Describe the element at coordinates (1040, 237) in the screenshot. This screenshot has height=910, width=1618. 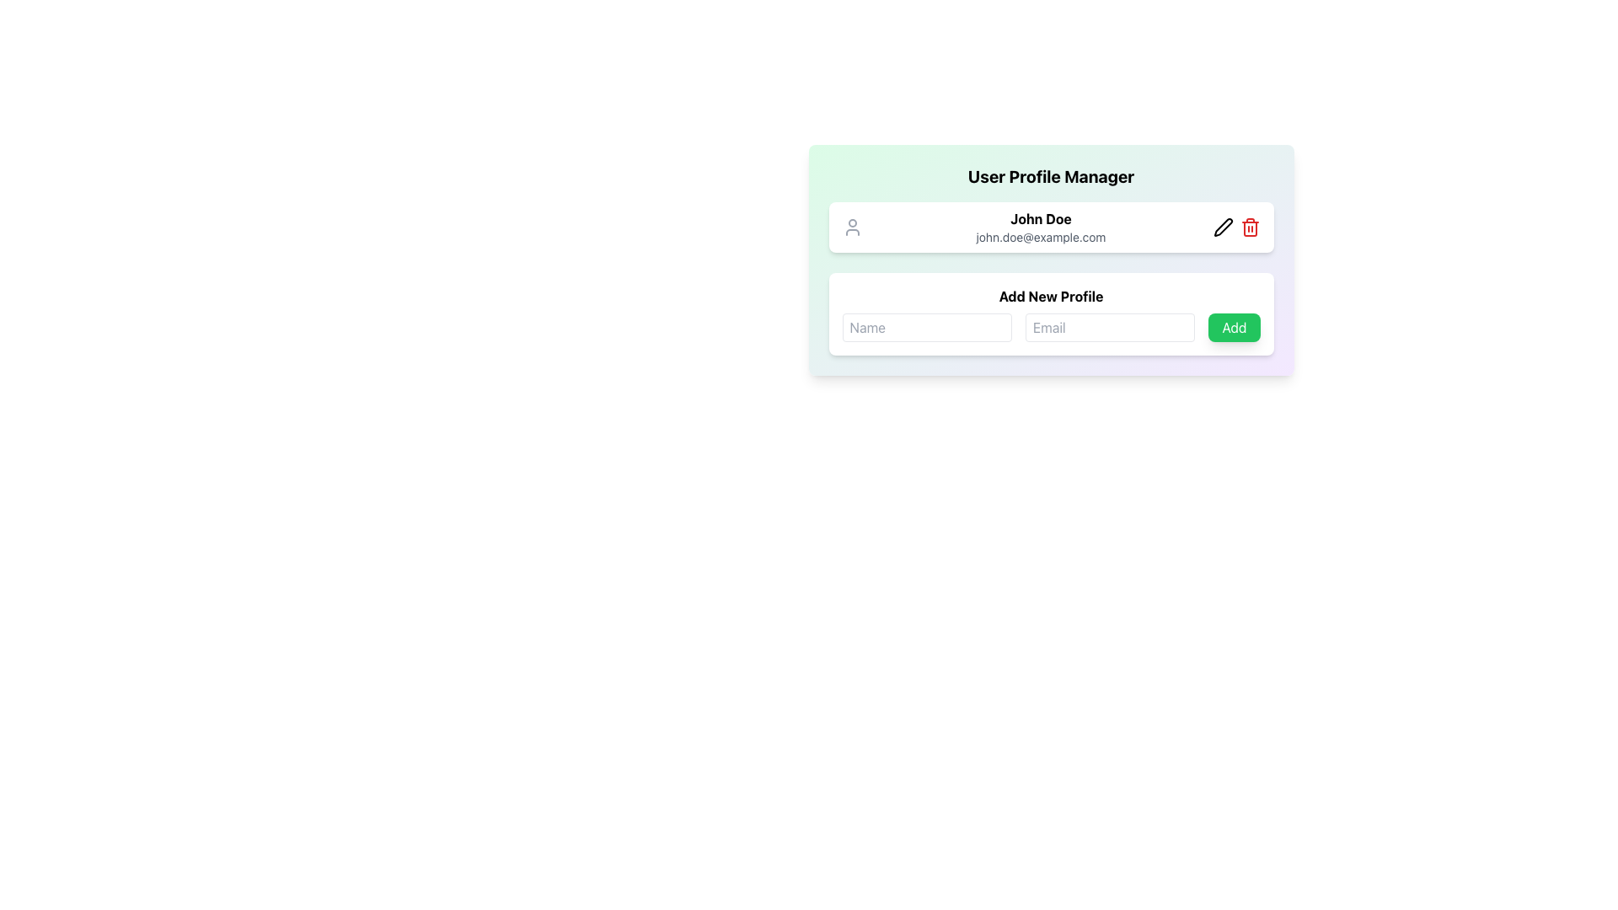
I see `the email address text display 'john.doe@example.com' located within the user profile card, positioned centrally below the name 'John Doe'` at that location.